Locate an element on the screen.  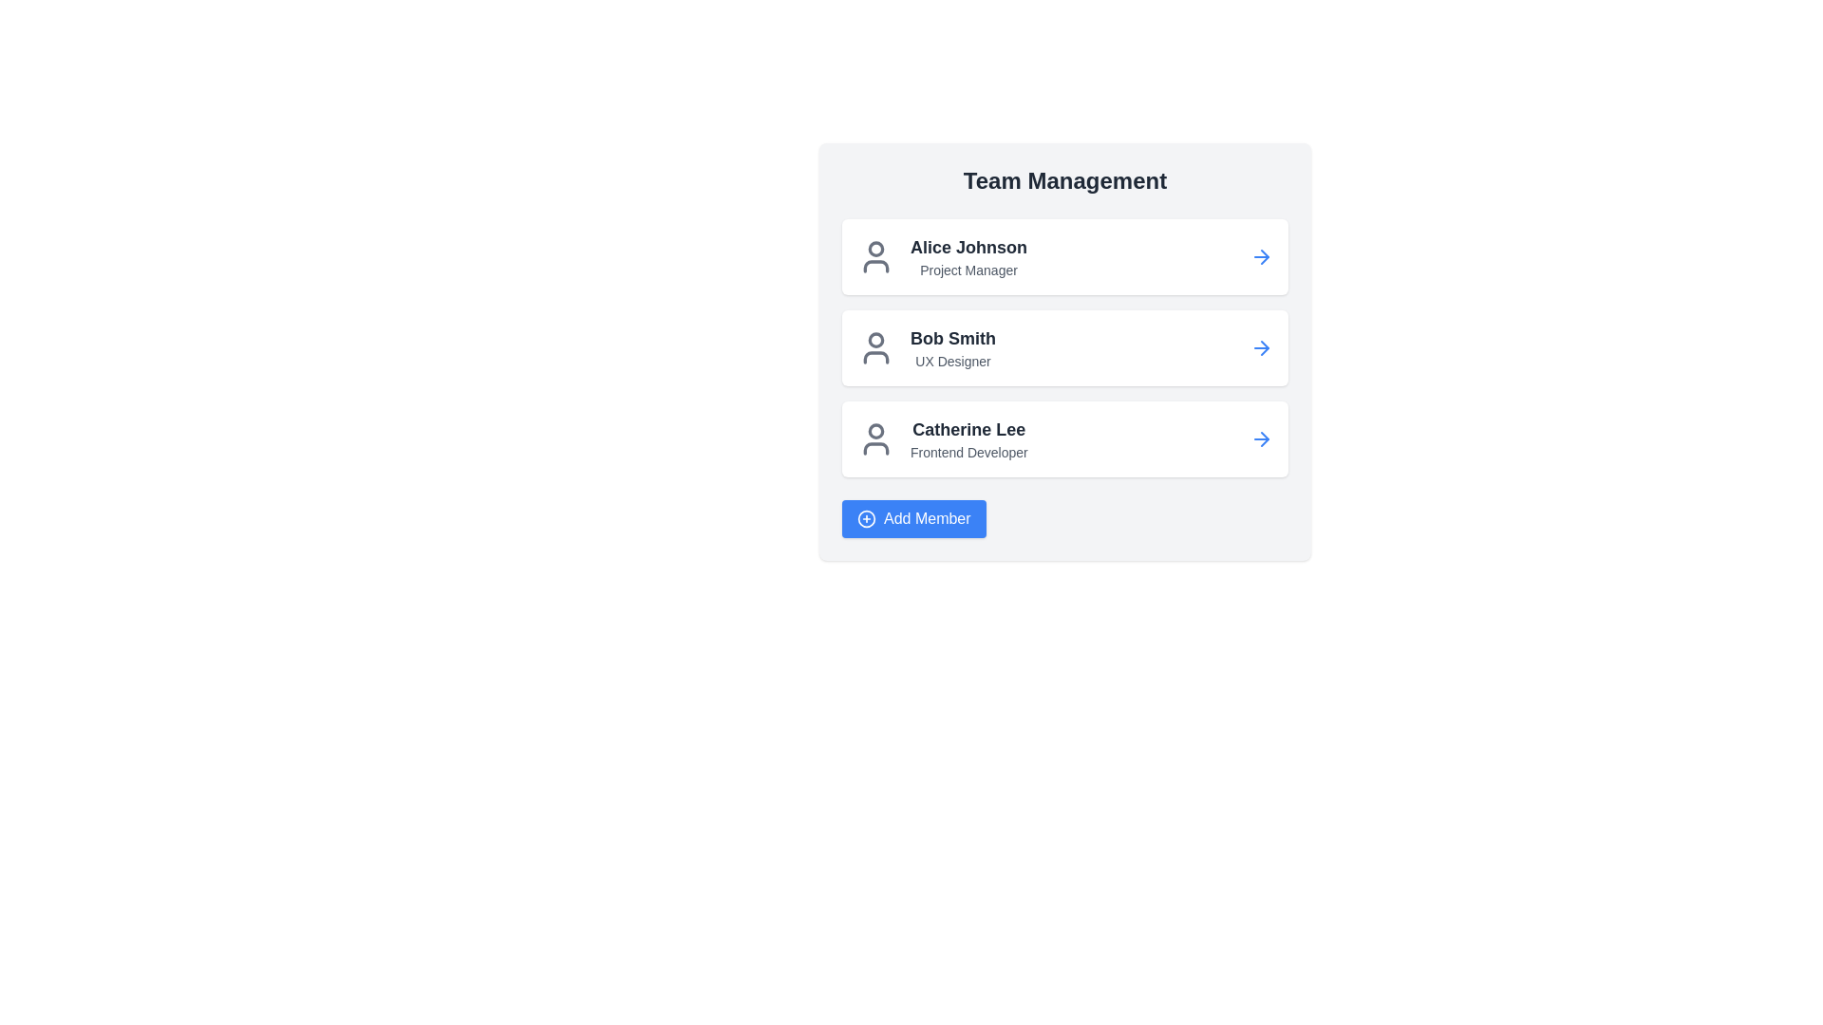
the icon within the 'Add Member' button, which is a rounded blue button located towards the bottom section of the card interface is located at coordinates (865, 519).